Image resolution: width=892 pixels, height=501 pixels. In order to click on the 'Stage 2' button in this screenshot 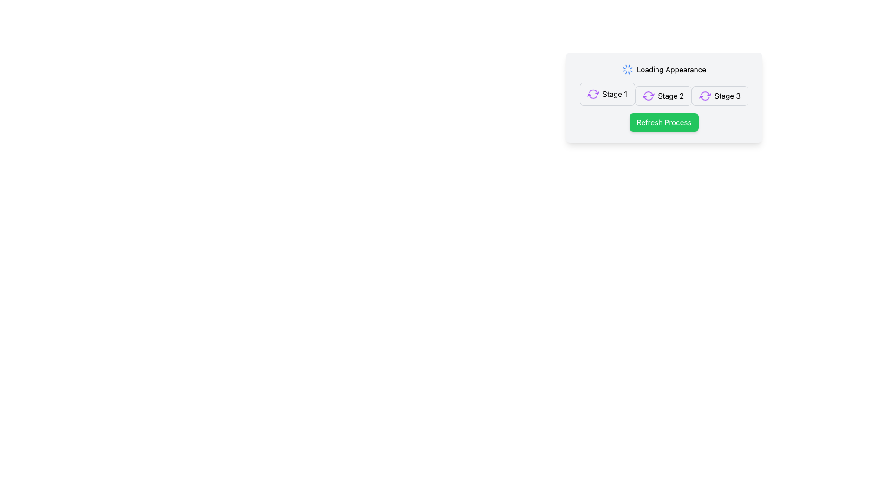, I will do `click(663, 96)`.